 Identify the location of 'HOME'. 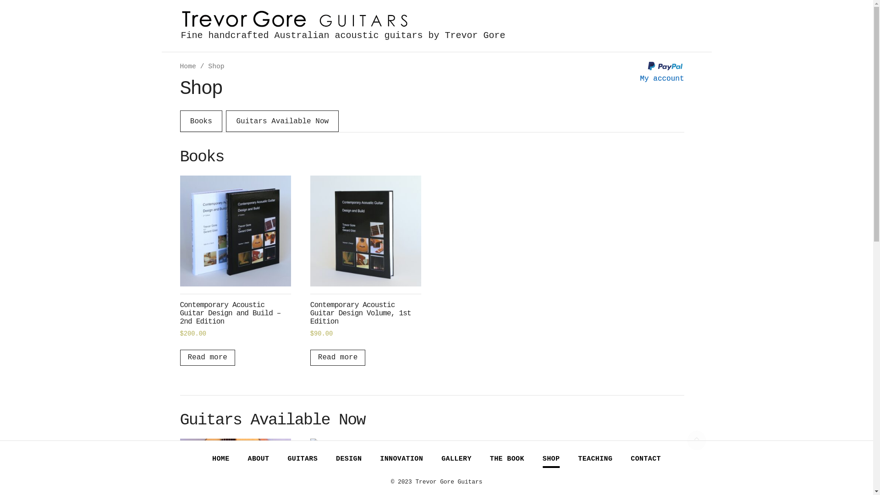
(220, 459).